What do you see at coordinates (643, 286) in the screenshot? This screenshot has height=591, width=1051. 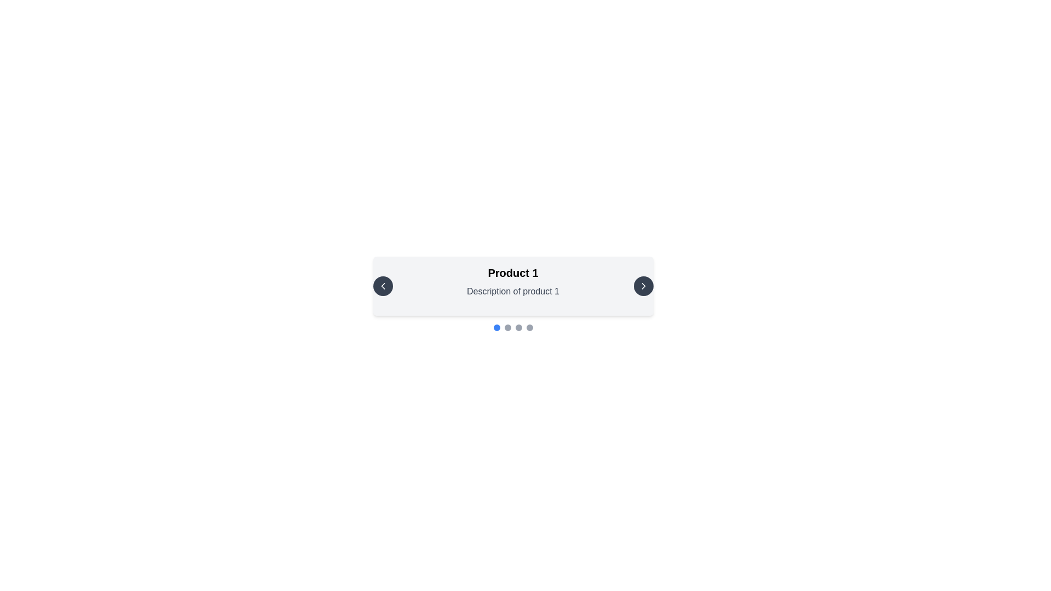 I see `the right-pointing chevron icon located within the circular button on the right side of the central information card` at bounding box center [643, 286].